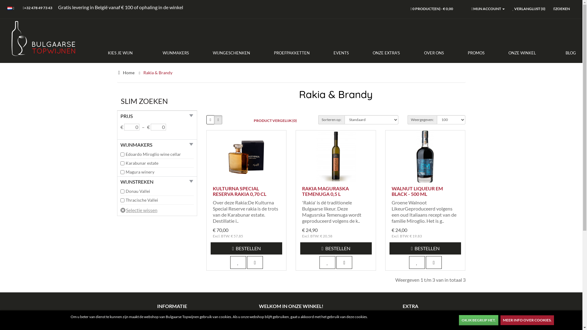  Describe the element at coordinates (433, 53) in the screenshot. I see `'OVER ONS'` at that location.